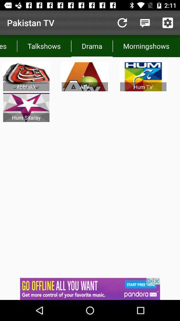  What do you see at coordinates (90, 289) in the screenshot?
I see `notifications` at bounding box center [90, 289].